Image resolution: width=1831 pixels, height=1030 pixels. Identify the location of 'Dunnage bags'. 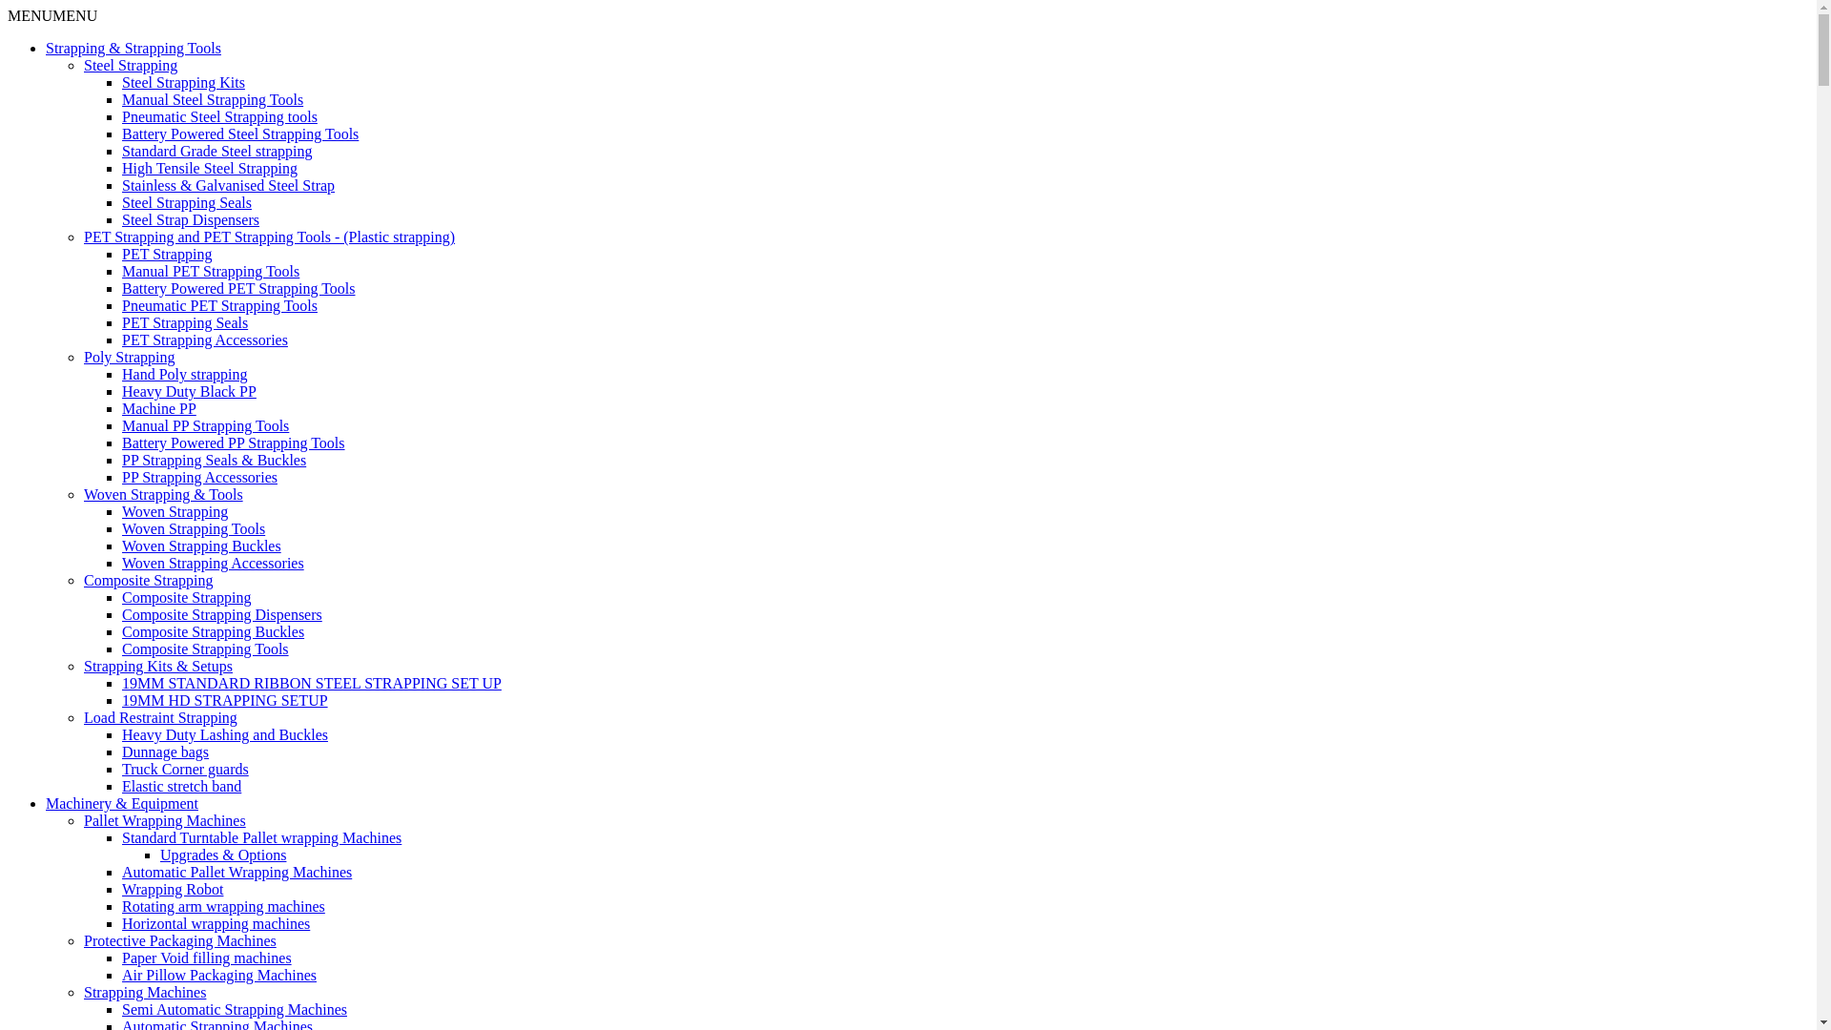
(165, 751).